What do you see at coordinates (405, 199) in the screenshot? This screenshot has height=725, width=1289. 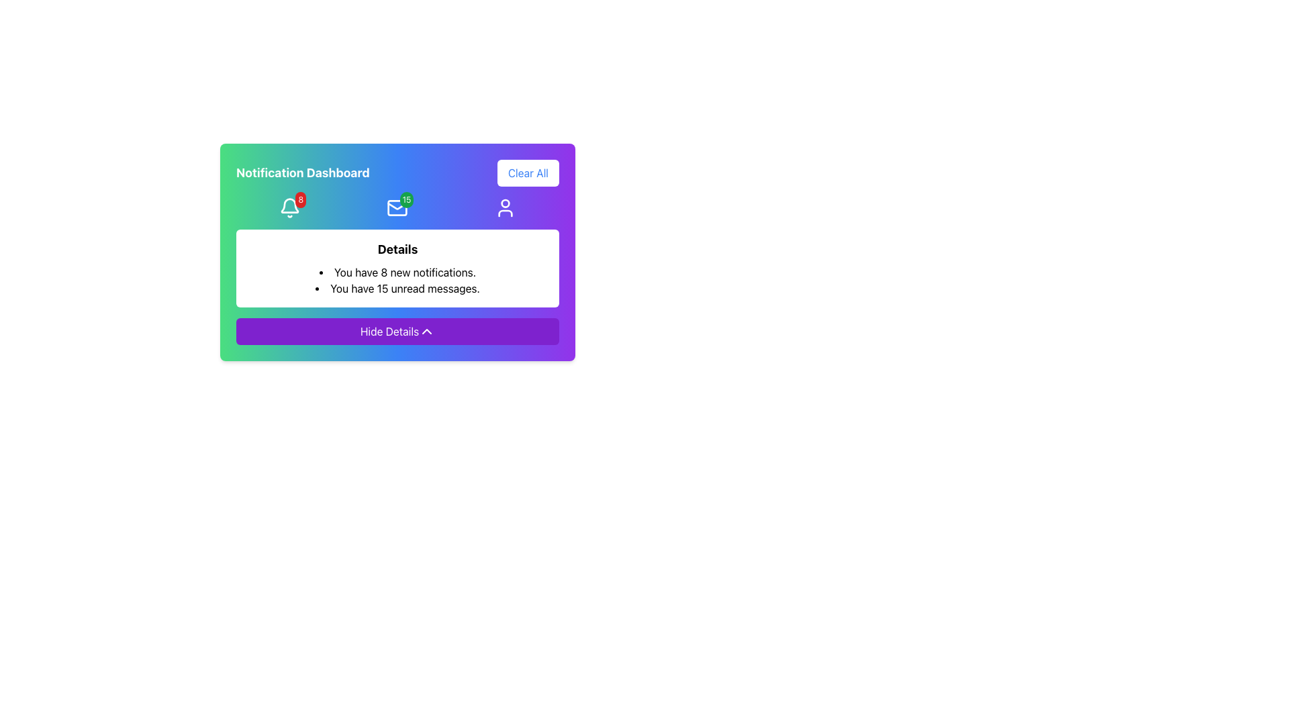 I see `the notification badge indicating 15 unread messages located at the top-right corner of the envelope icon in the notification dashboard` at bounding box center [405, 199].